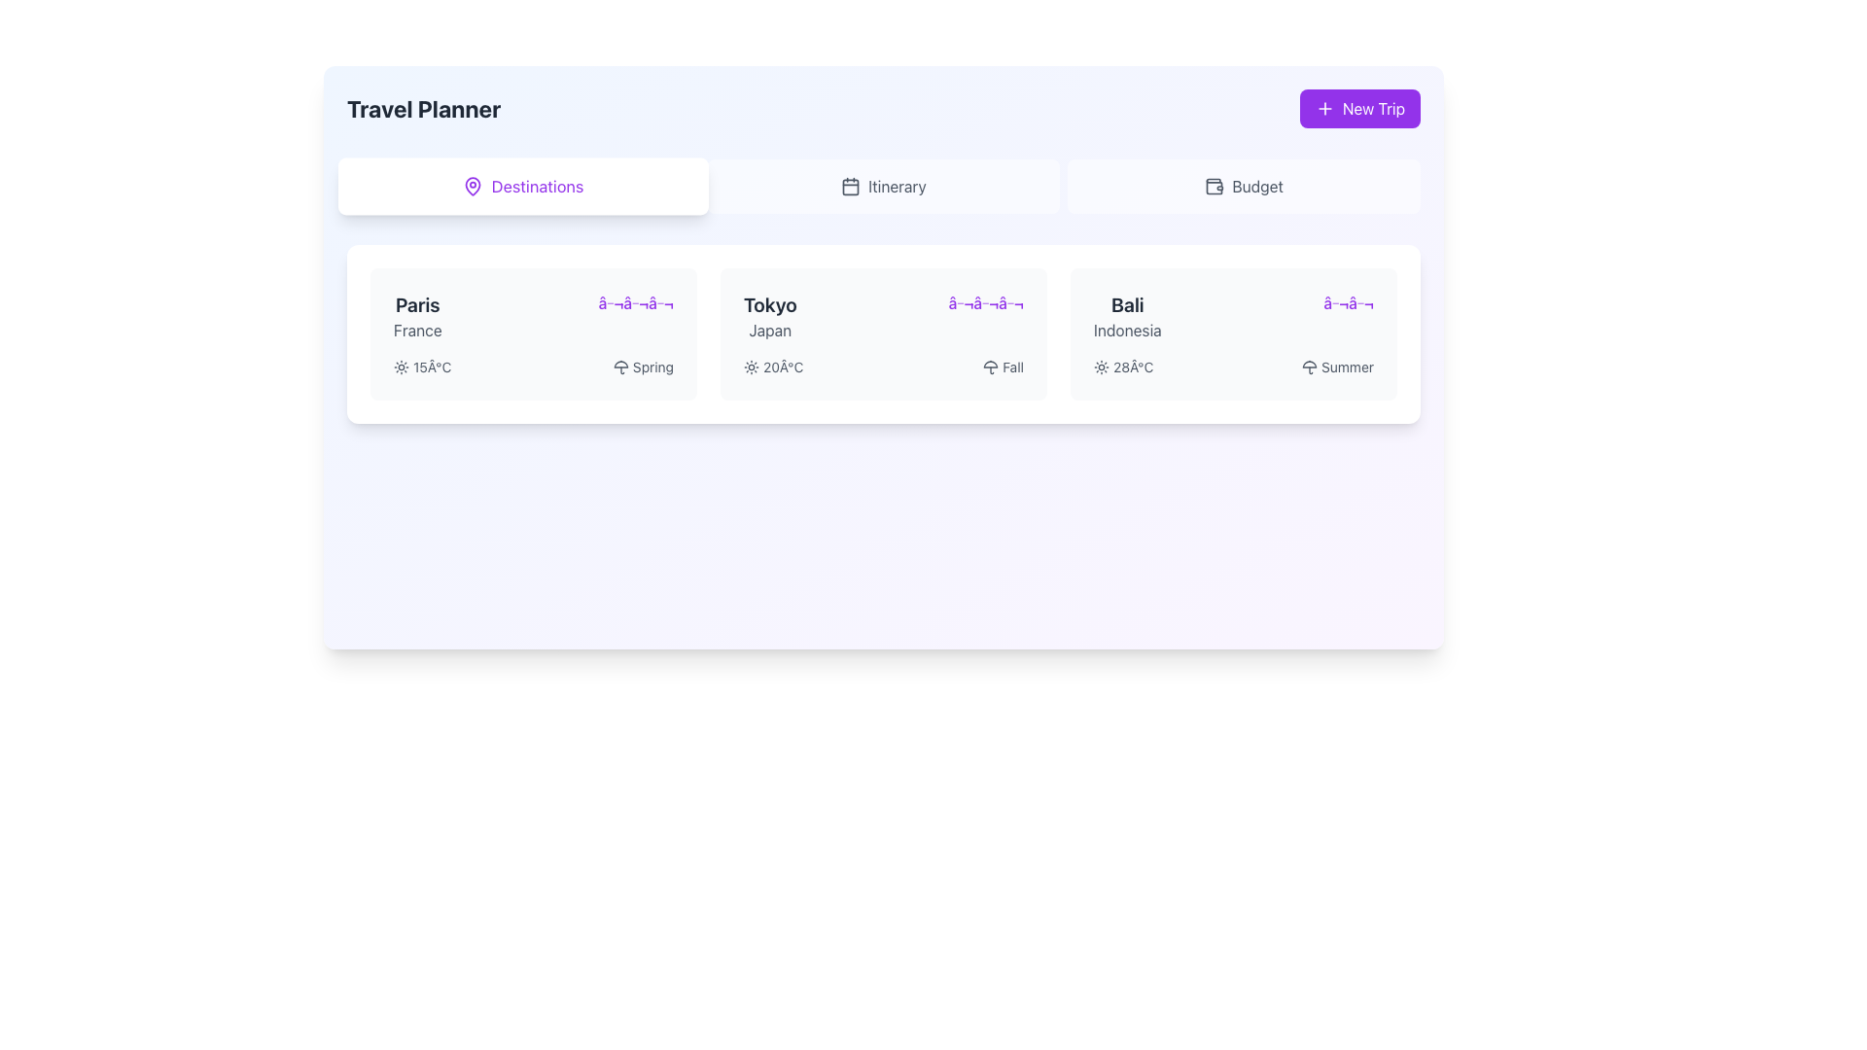  Describe the element at coordinates (850, 187) in the screenshot. I see `the graphical shape within the calendar icon, which serves as a visual representation of the calendar` at that location.